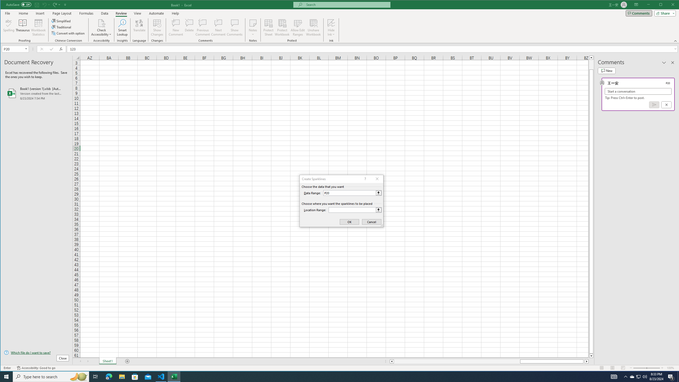 The height and width of the screenshot is (382, 679). What do you see at coordinates (157, 27) in the screenshot?
I see `'Show Changes'` at bounding box center [157, 27].